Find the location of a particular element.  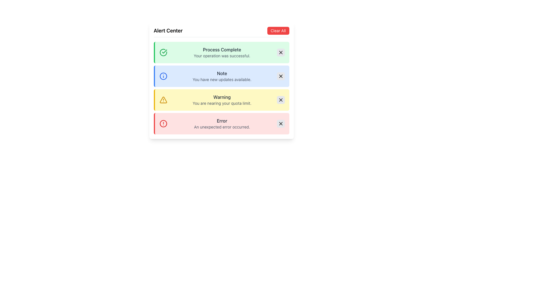

the 'Note' text label, which serves as the title for the blue alert section conveying a message to the user is located at coordinates (222, 73).